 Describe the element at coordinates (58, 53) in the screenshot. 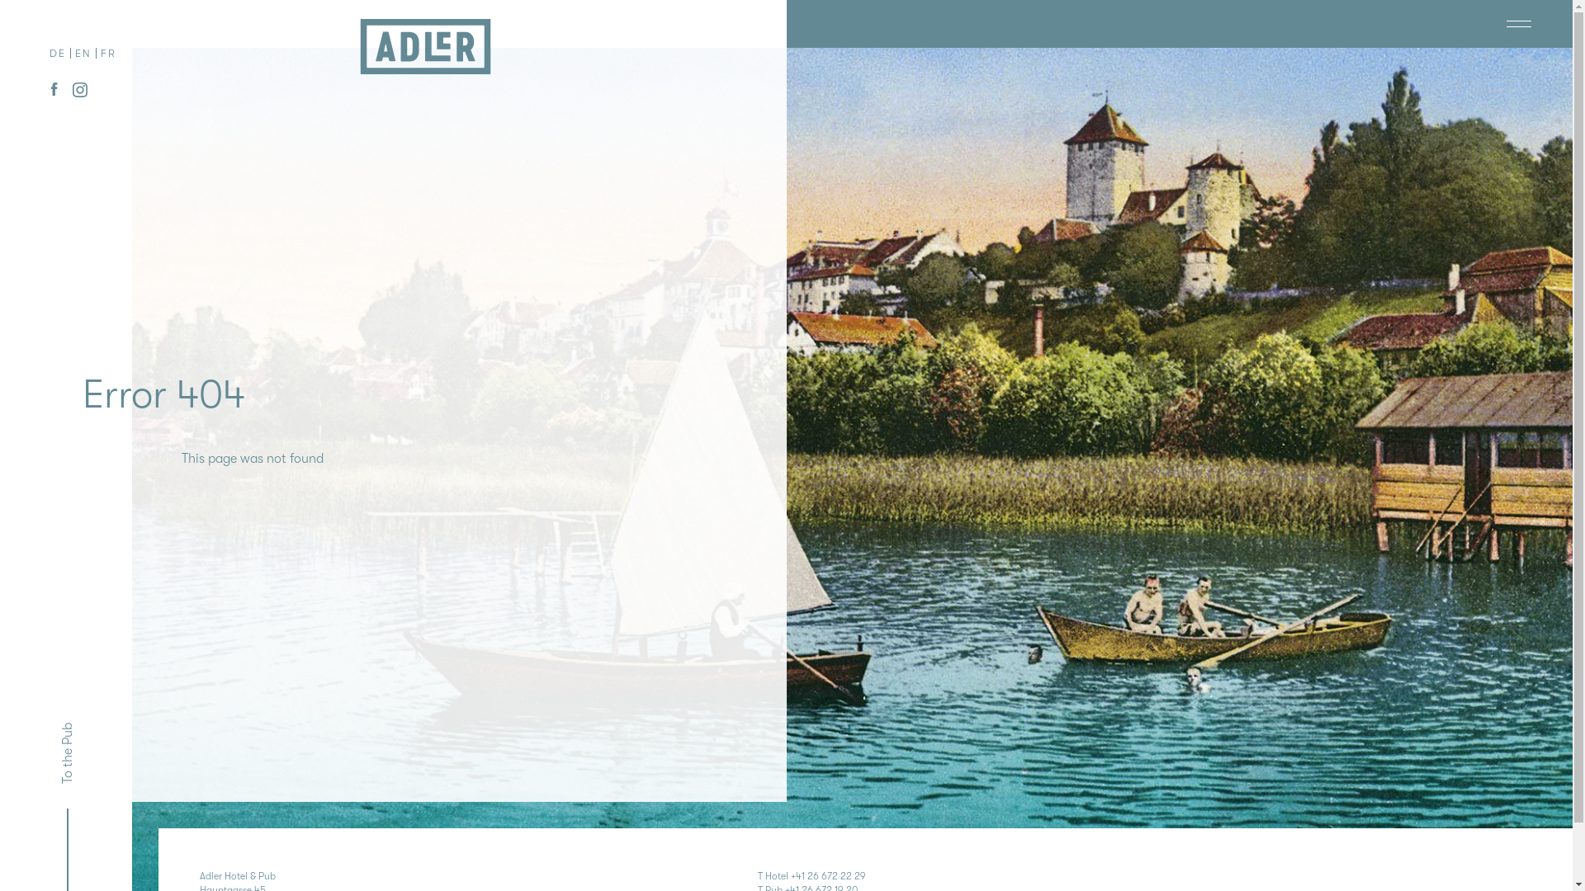

I see `'DE'` at that location.